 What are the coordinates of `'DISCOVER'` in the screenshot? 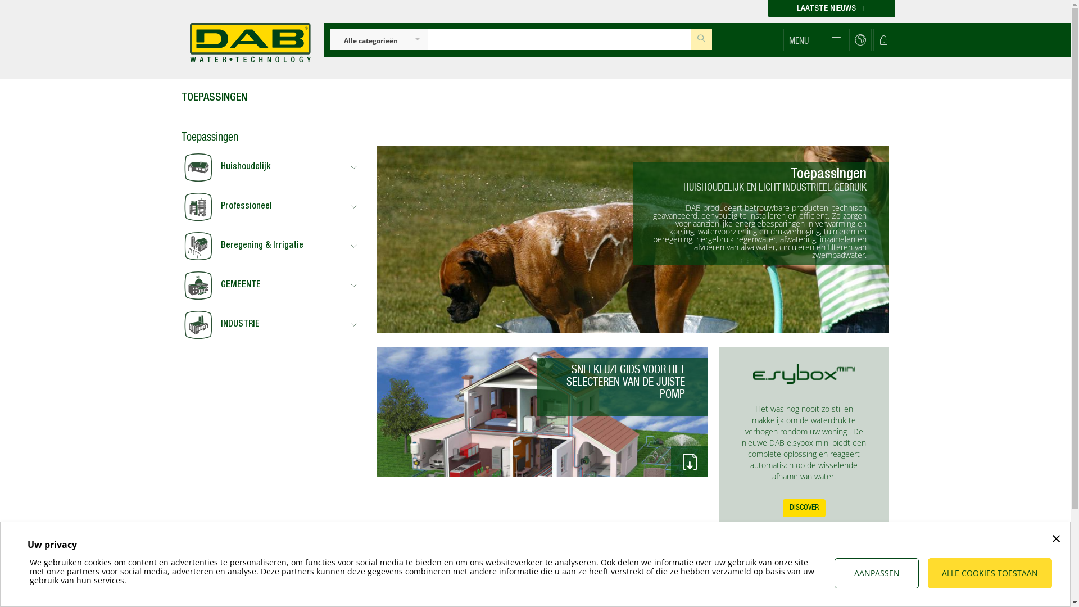 It's located at (803, 508).